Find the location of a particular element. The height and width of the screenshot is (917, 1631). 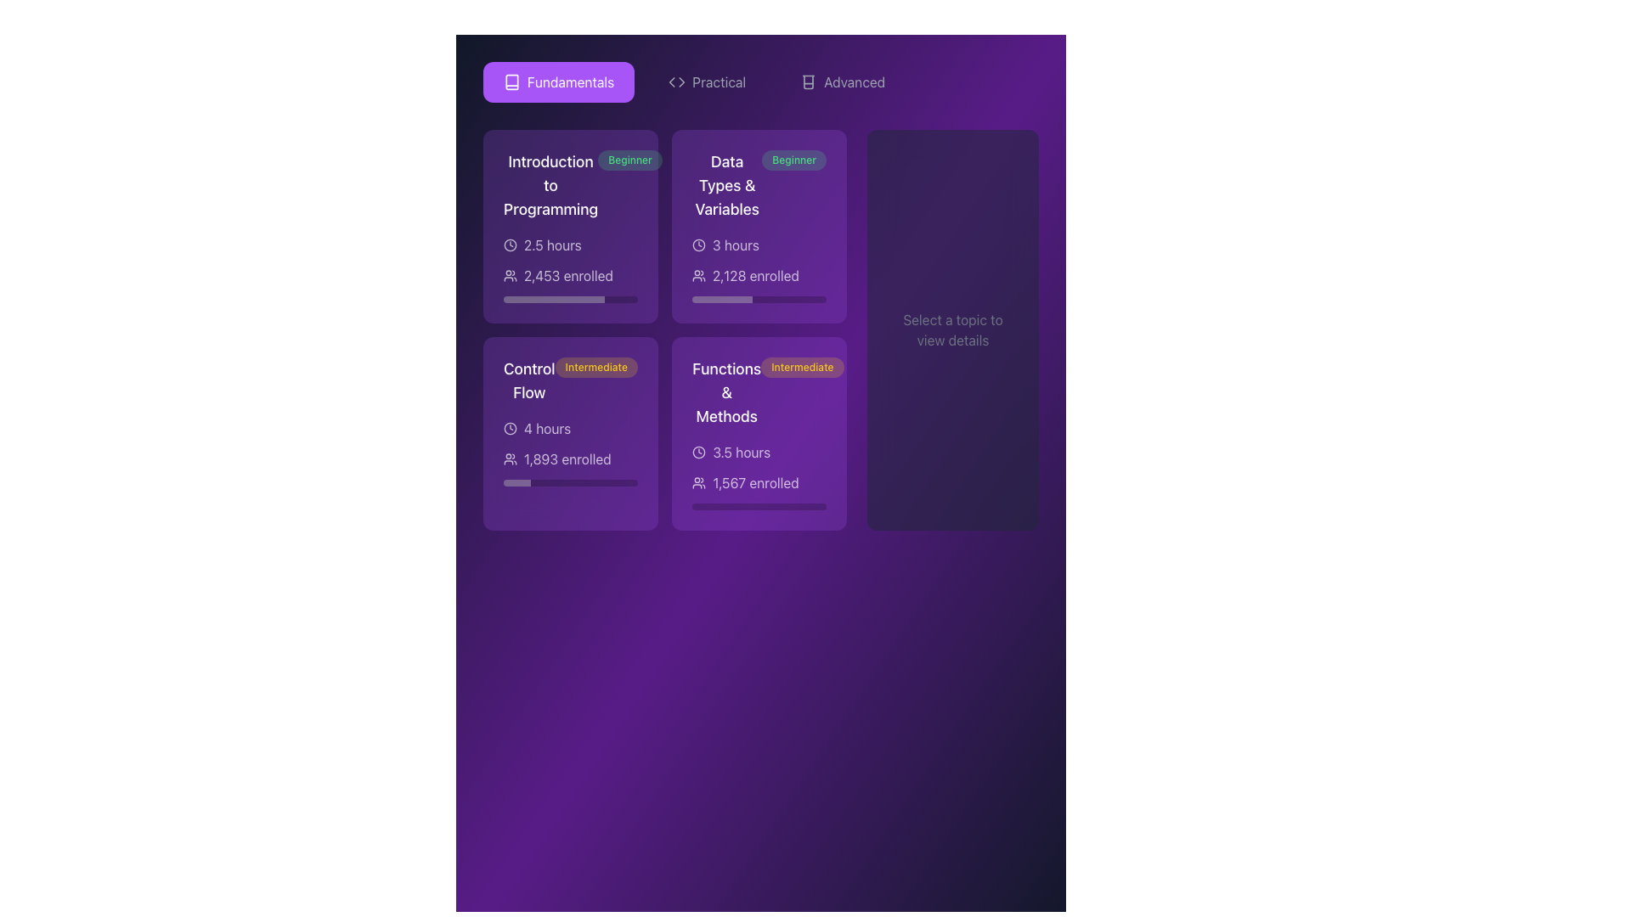

the progress bar segment that represents 45% completion within the 'Data Types & Variables' card is located at coordinates (722, 299).